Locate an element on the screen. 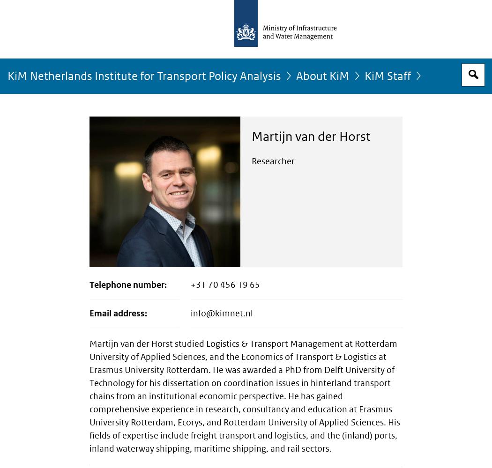  'Telephone number' is located at coordinates (127, 284).